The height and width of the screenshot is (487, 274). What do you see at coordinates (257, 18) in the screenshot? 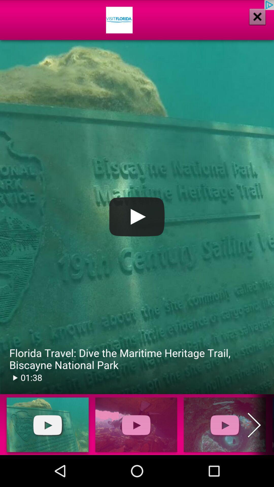
I see `the close icon` at bounding box center [257, 18].